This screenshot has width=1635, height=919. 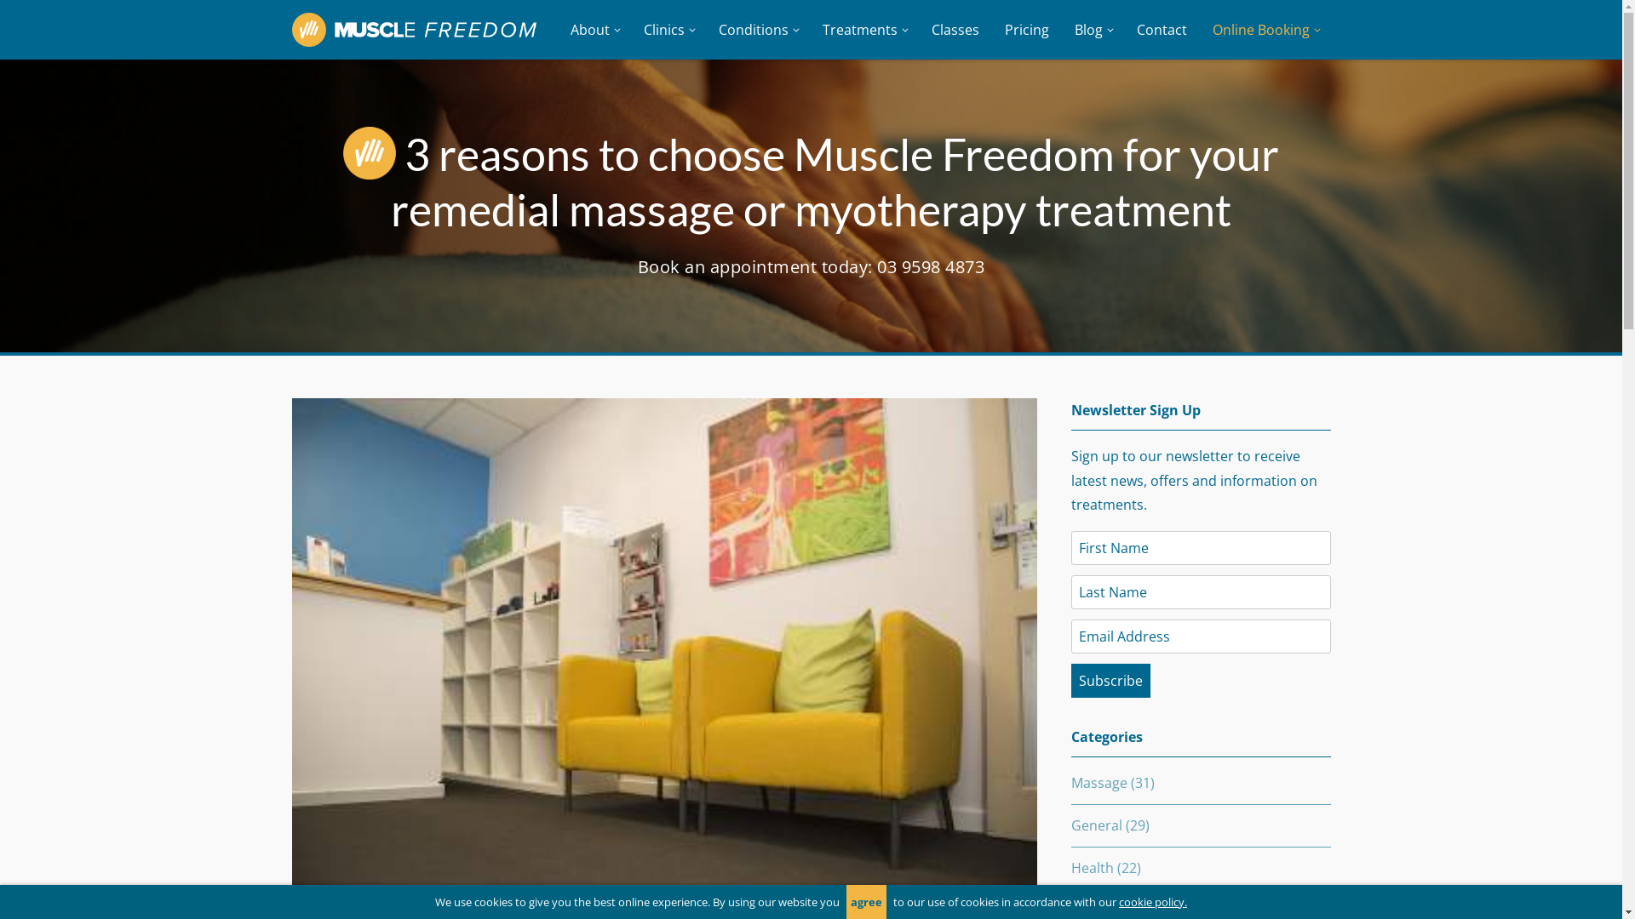 What do you see at coordinates (1099, 783) in the screenshot?
I see `'Massage'` at bounding box center [1099, 783].